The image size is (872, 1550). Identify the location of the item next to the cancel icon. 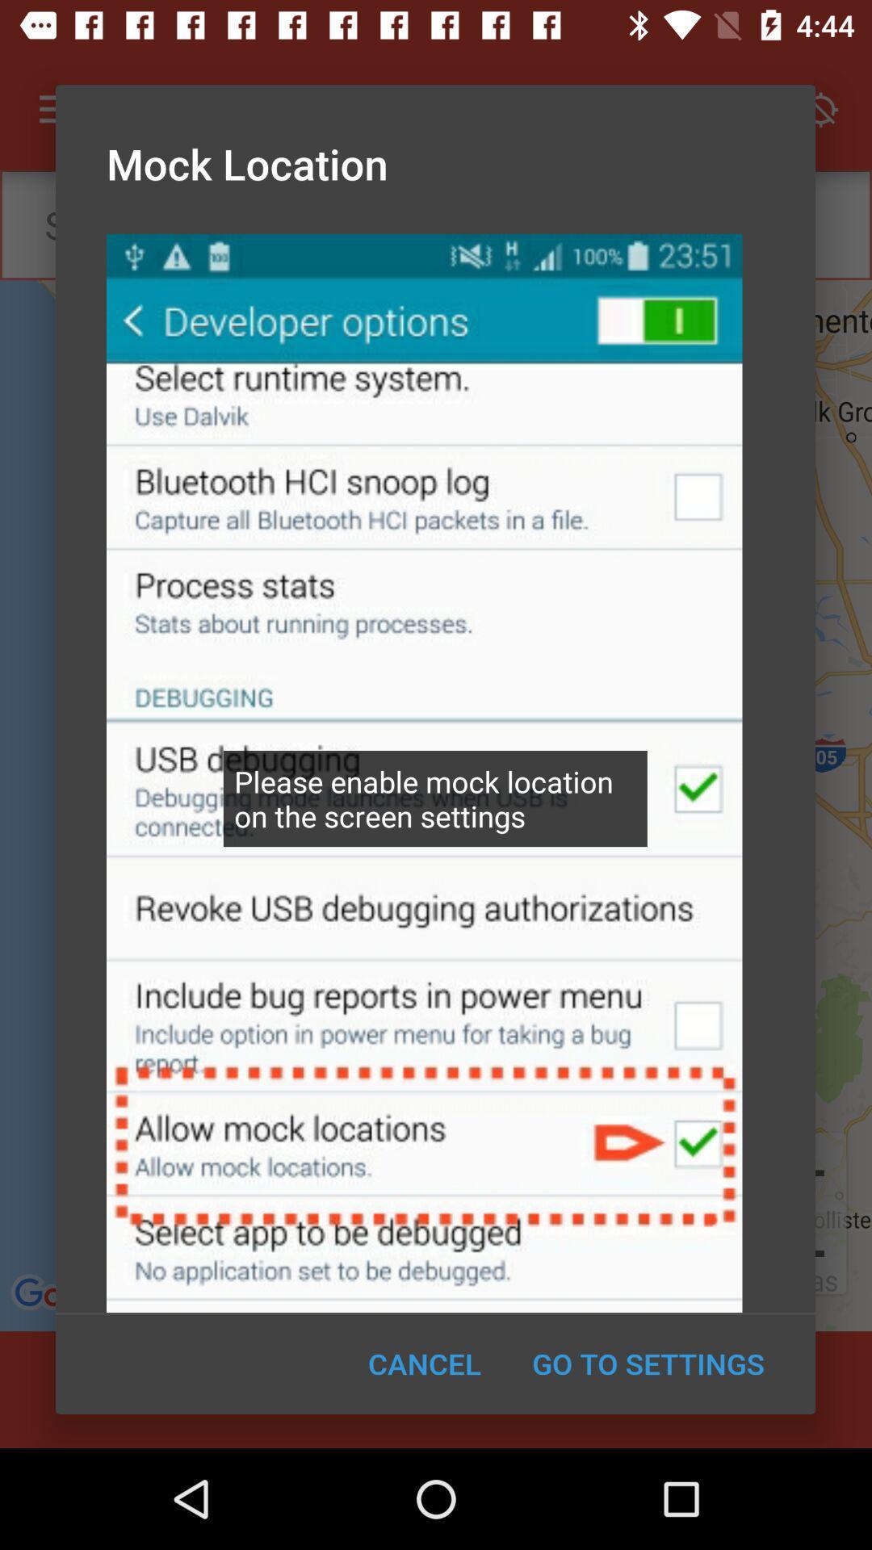
(648, 1363).